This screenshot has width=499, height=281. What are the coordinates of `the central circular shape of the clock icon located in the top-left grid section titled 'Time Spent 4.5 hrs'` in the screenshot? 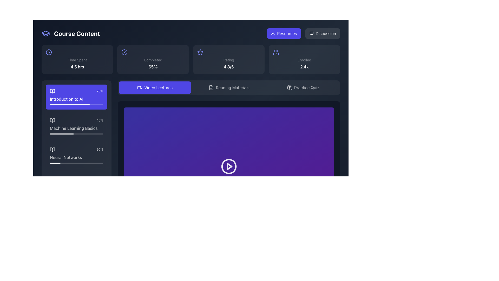 It's located at (49, 52).